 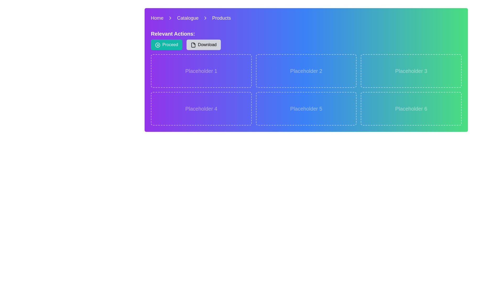 I want to click on the first button located at the top-left of the actions section to proceed to the next step in the workflow, so click(x=166, y=44).